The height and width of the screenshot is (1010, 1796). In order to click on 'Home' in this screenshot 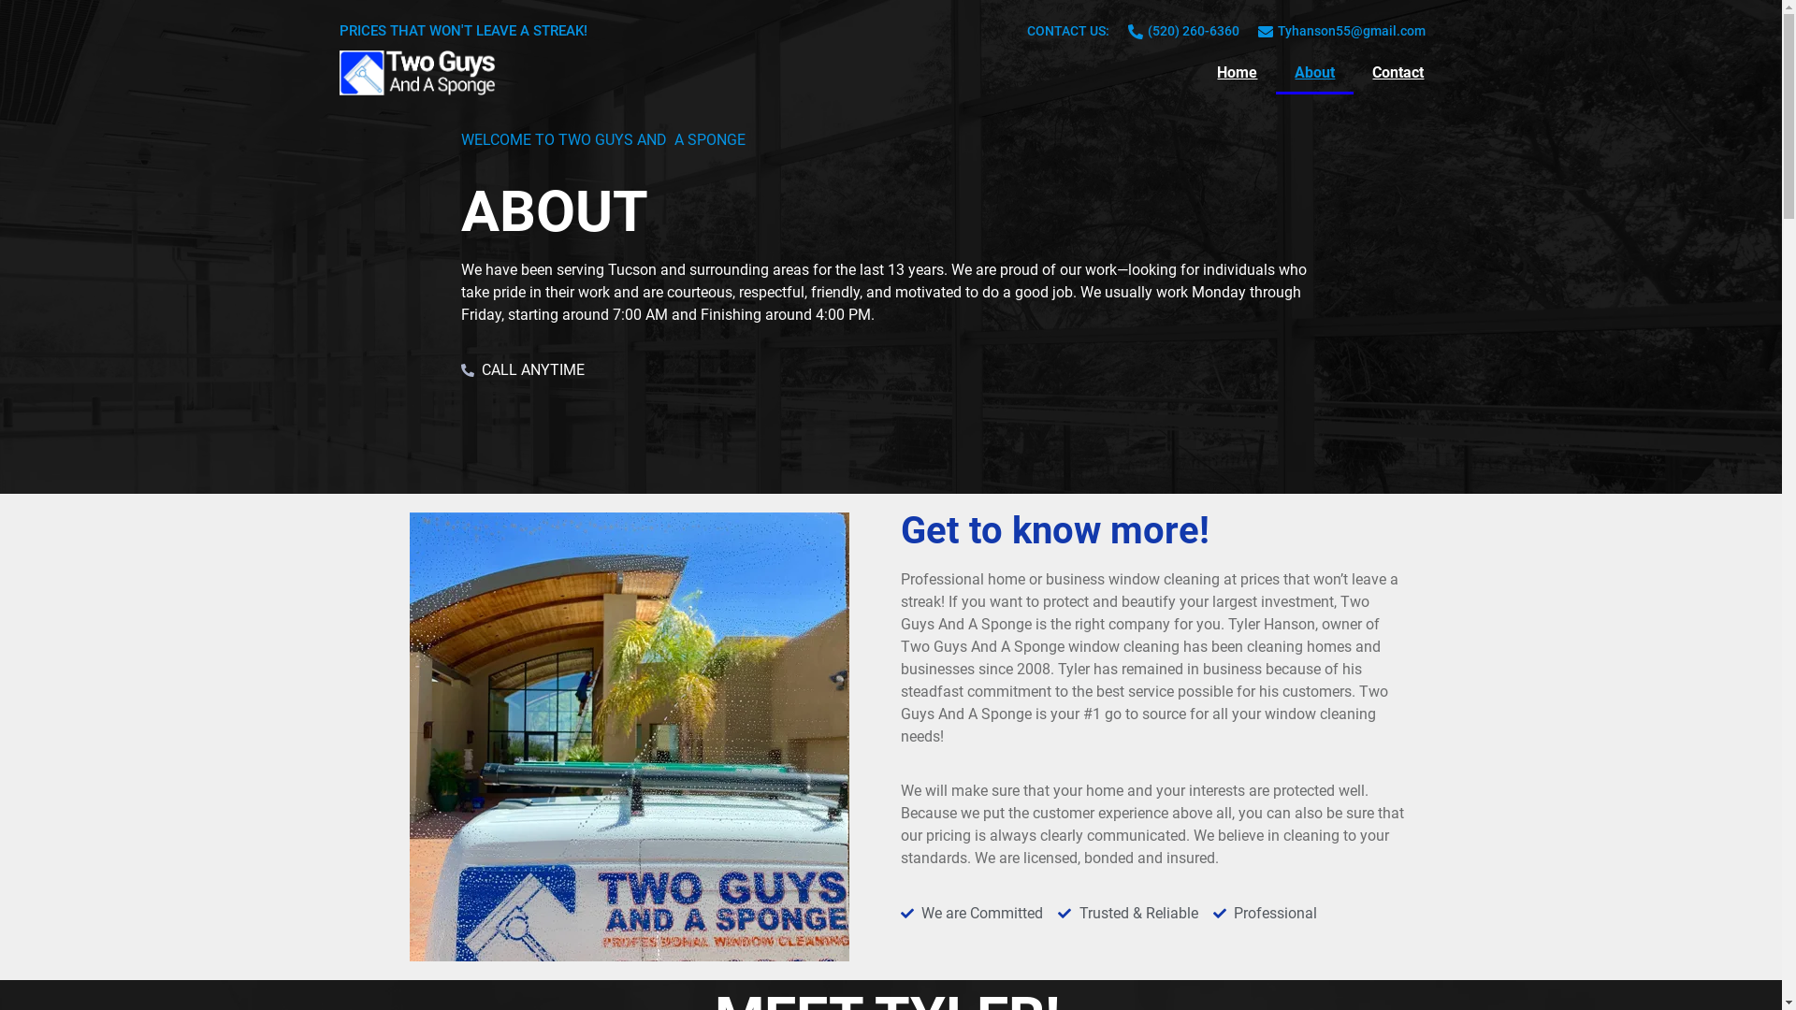, I will do `click(1198, 71)`.